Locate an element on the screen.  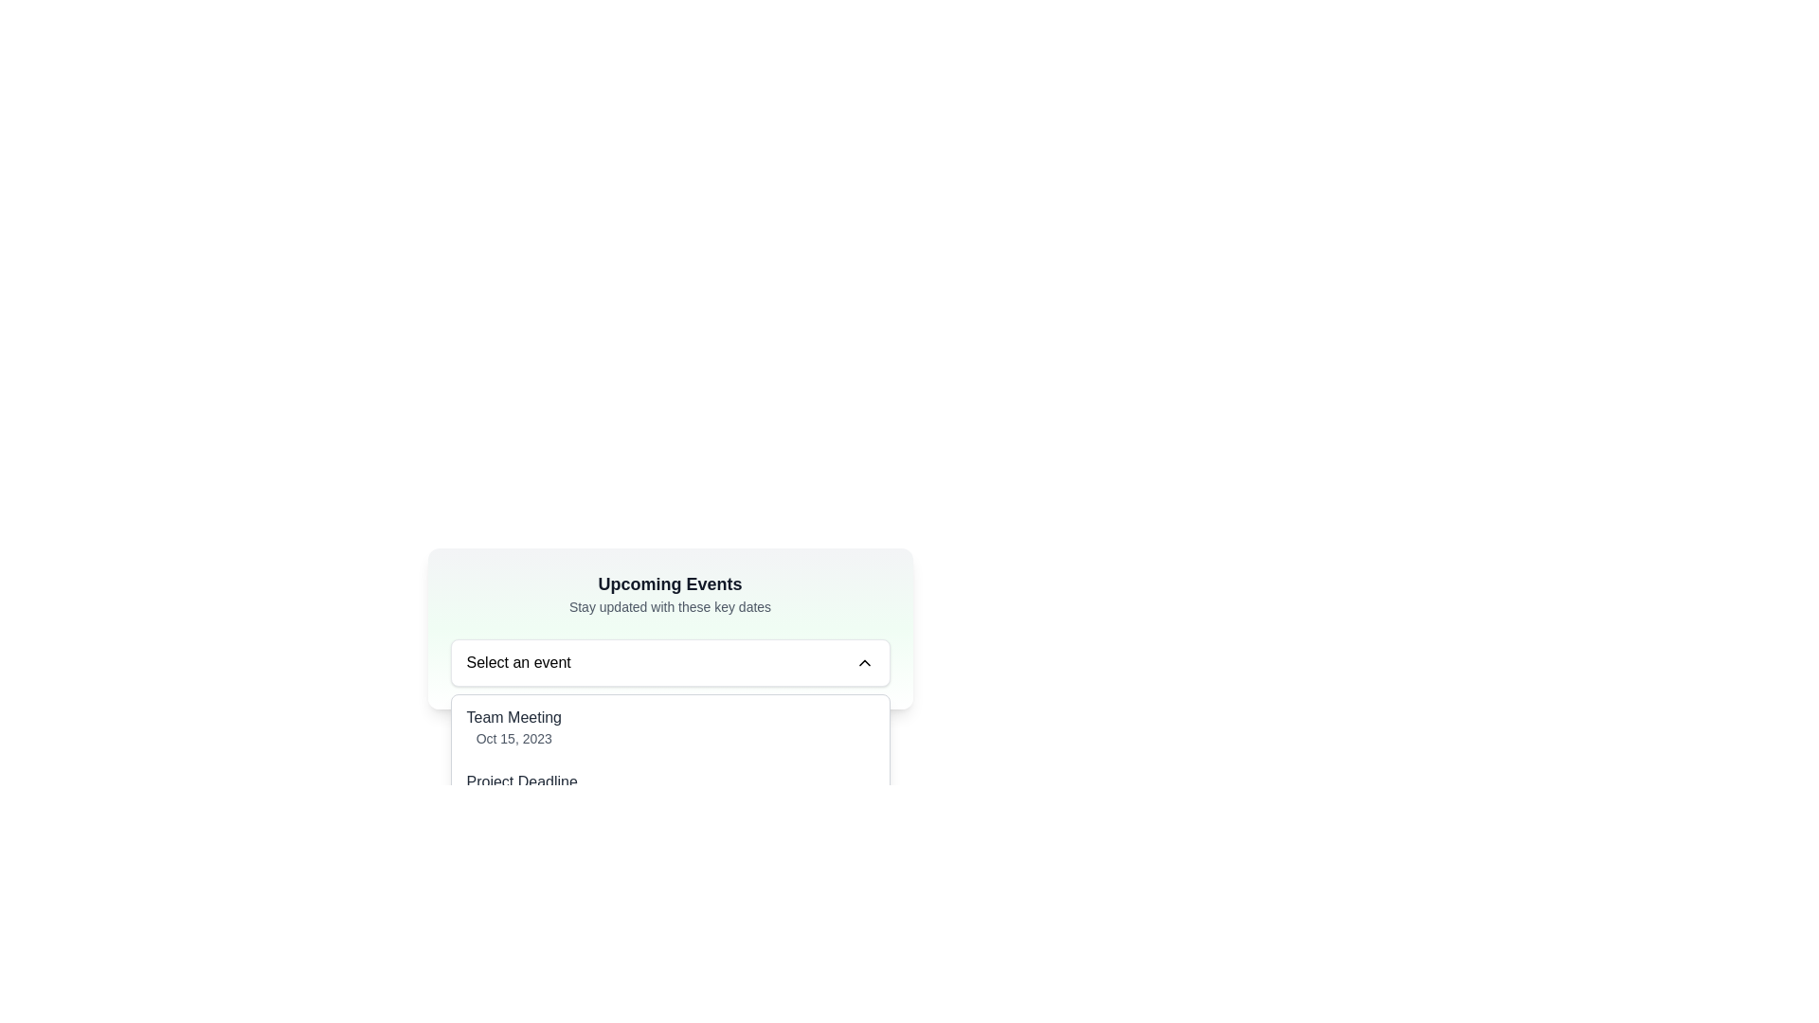
the Dropdown menu located in the 'Upcoming Events' section under the subtitle 'Stay updated with these key dates' is located at coordinates (670, 661).